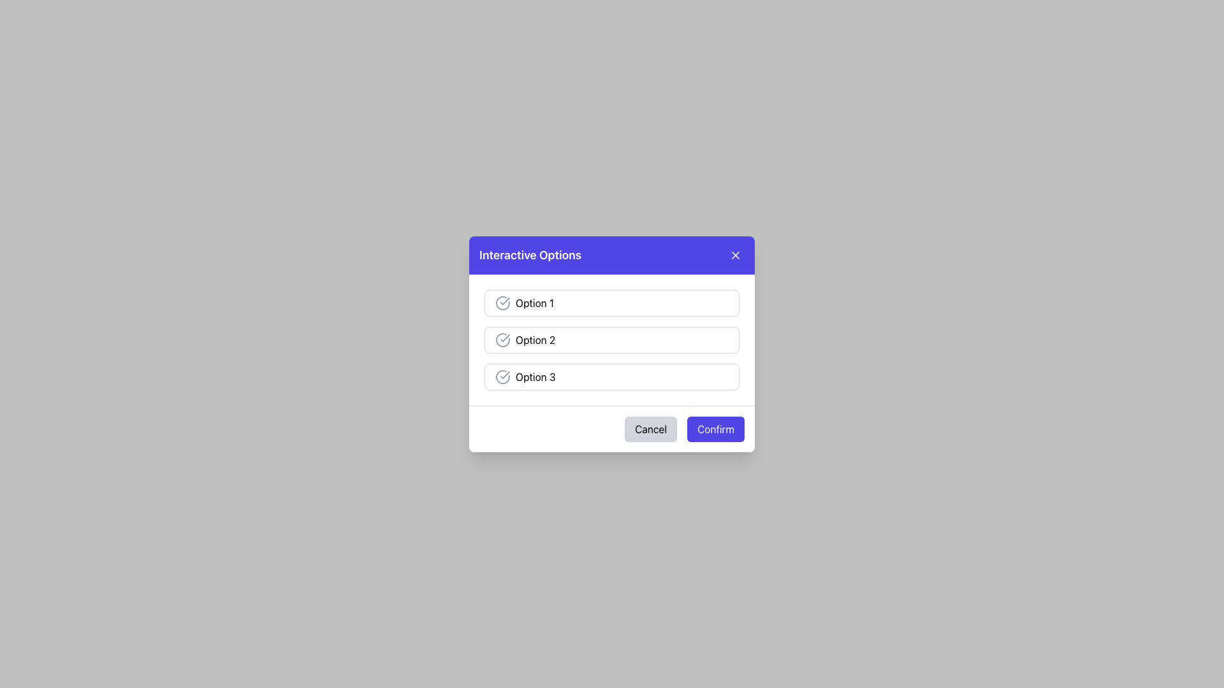 Image resolution: width=1224 pixels, height=688 pixels. What do you see at coordinates (504, 374) in the screenshot?
I see `the SVG checkmark icon that indicates a completed action or selected state, positioned slightly to the right of the center within a circular frame` at bounding box center [504, 374].